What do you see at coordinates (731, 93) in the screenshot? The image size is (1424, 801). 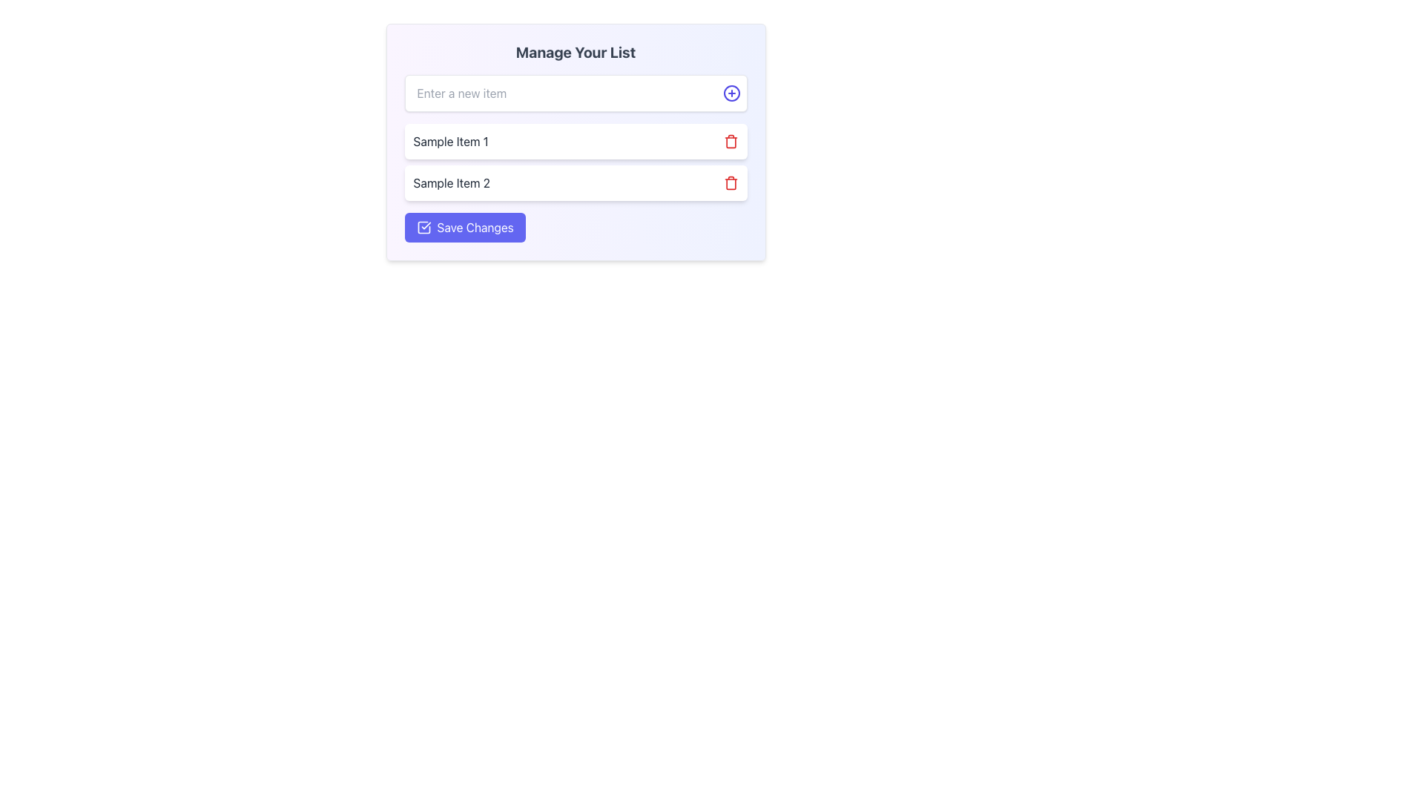 I see `the button located on the right edge of the text input field labeled 'Enter a new item'` at bounding box center [731, 93].